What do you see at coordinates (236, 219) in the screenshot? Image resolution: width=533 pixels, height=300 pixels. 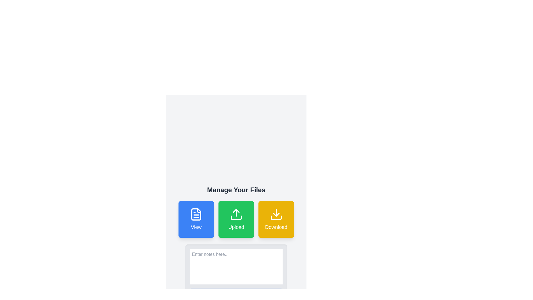 I see `the middle button labeled 'Upload' with a green background` at bounding box center [236, 219].